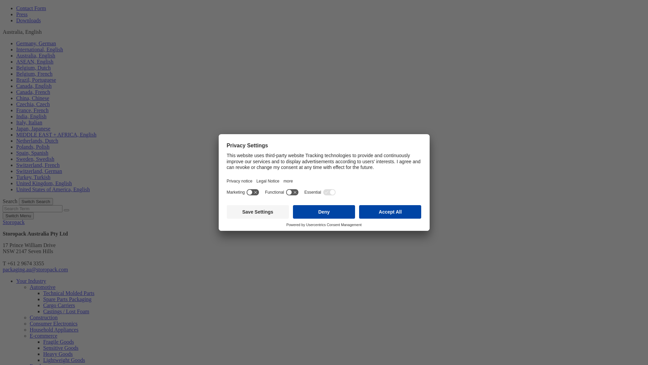  Describe the element at coordinates (32, 104) in the screenshot. I see `'Czechia, Czech'` at that location.